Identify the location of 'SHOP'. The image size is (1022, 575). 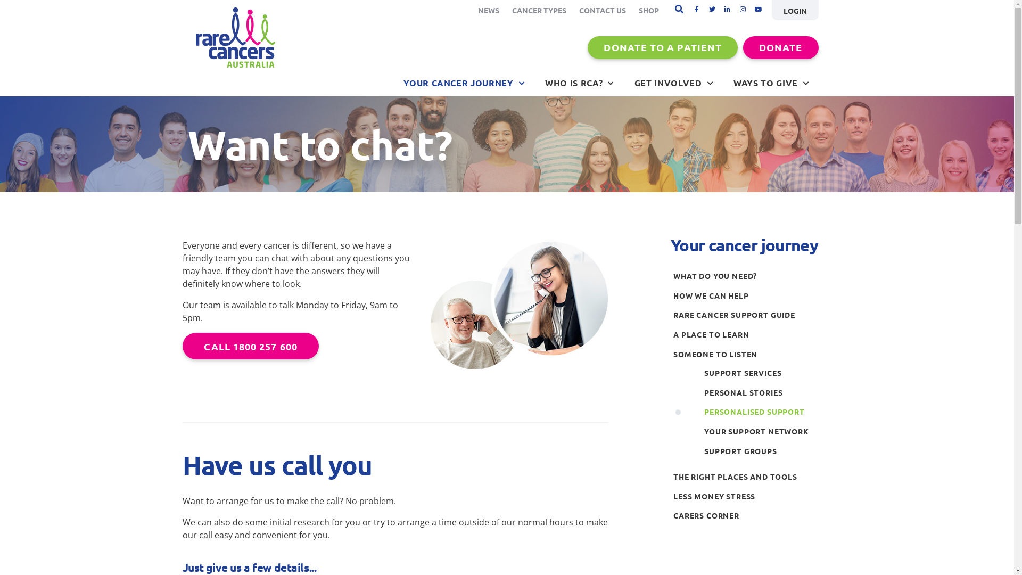
(639, 10).